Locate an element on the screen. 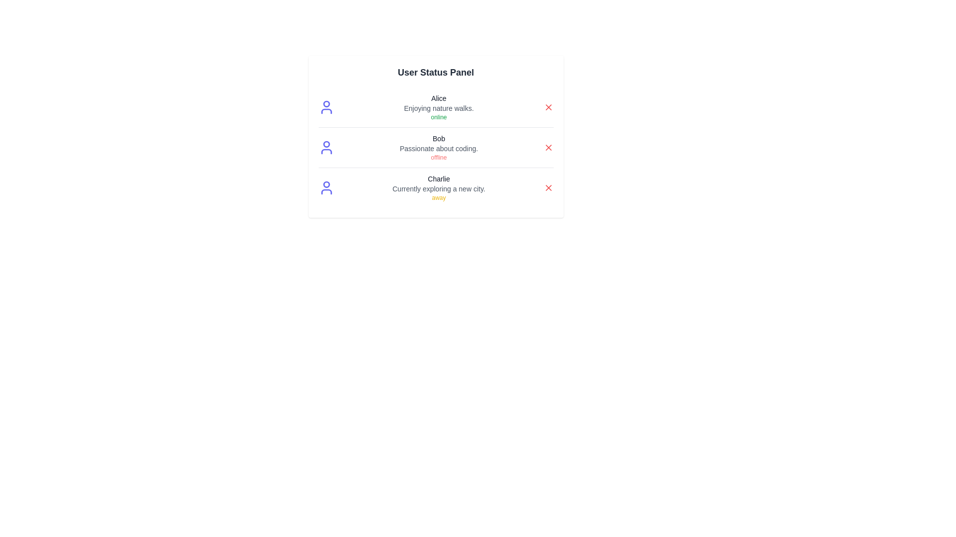  the static text label displaying the username 'Alice', which is the first item in the user information panel within the 'User Status Panel' interface is located at coordinates (438, 98).